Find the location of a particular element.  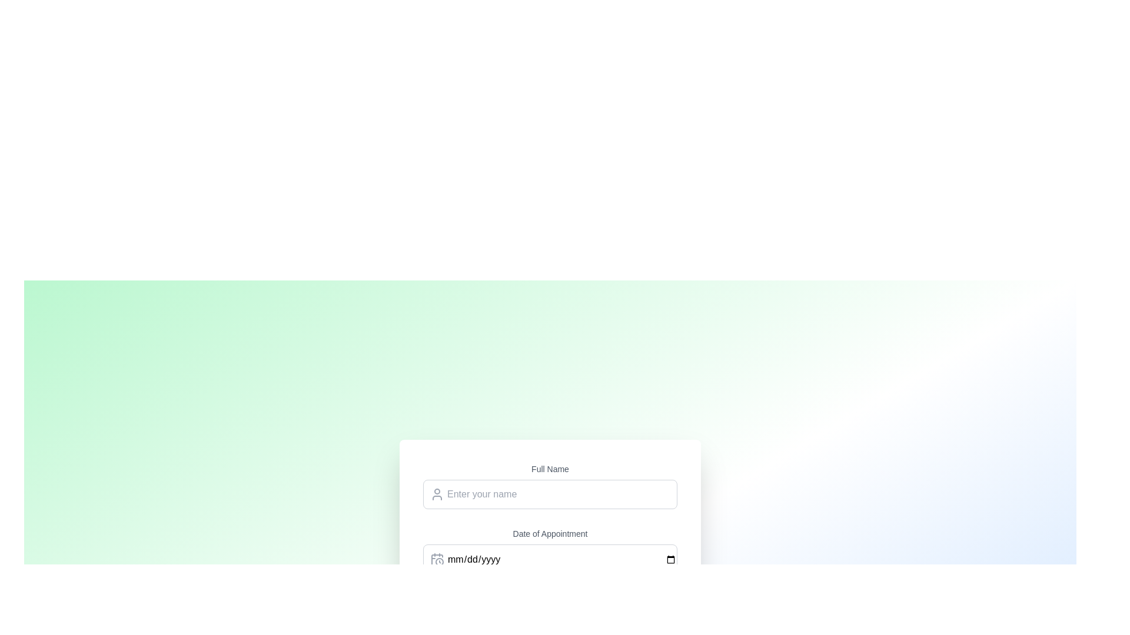

the calendar icon with a clock overlay, located inside the 'Date of Appointment' input field is located at coordinates (437, 559).